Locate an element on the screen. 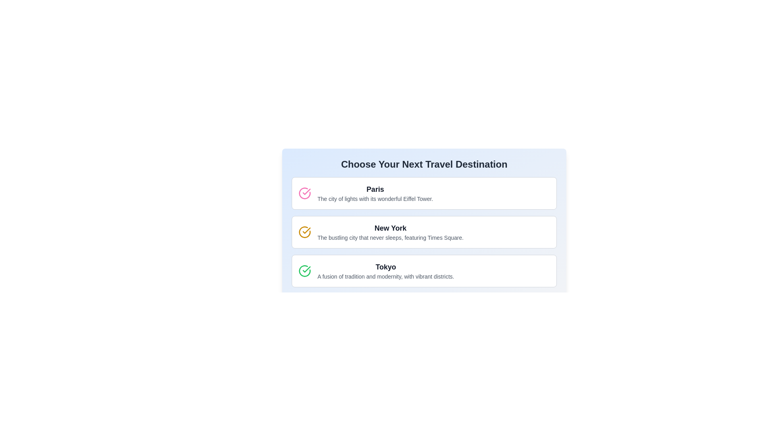  descriptive subtitle text for the travel destination Tokyo, which is located underneath the title in the third option of the vertical list is located at coordinates (386, 276).